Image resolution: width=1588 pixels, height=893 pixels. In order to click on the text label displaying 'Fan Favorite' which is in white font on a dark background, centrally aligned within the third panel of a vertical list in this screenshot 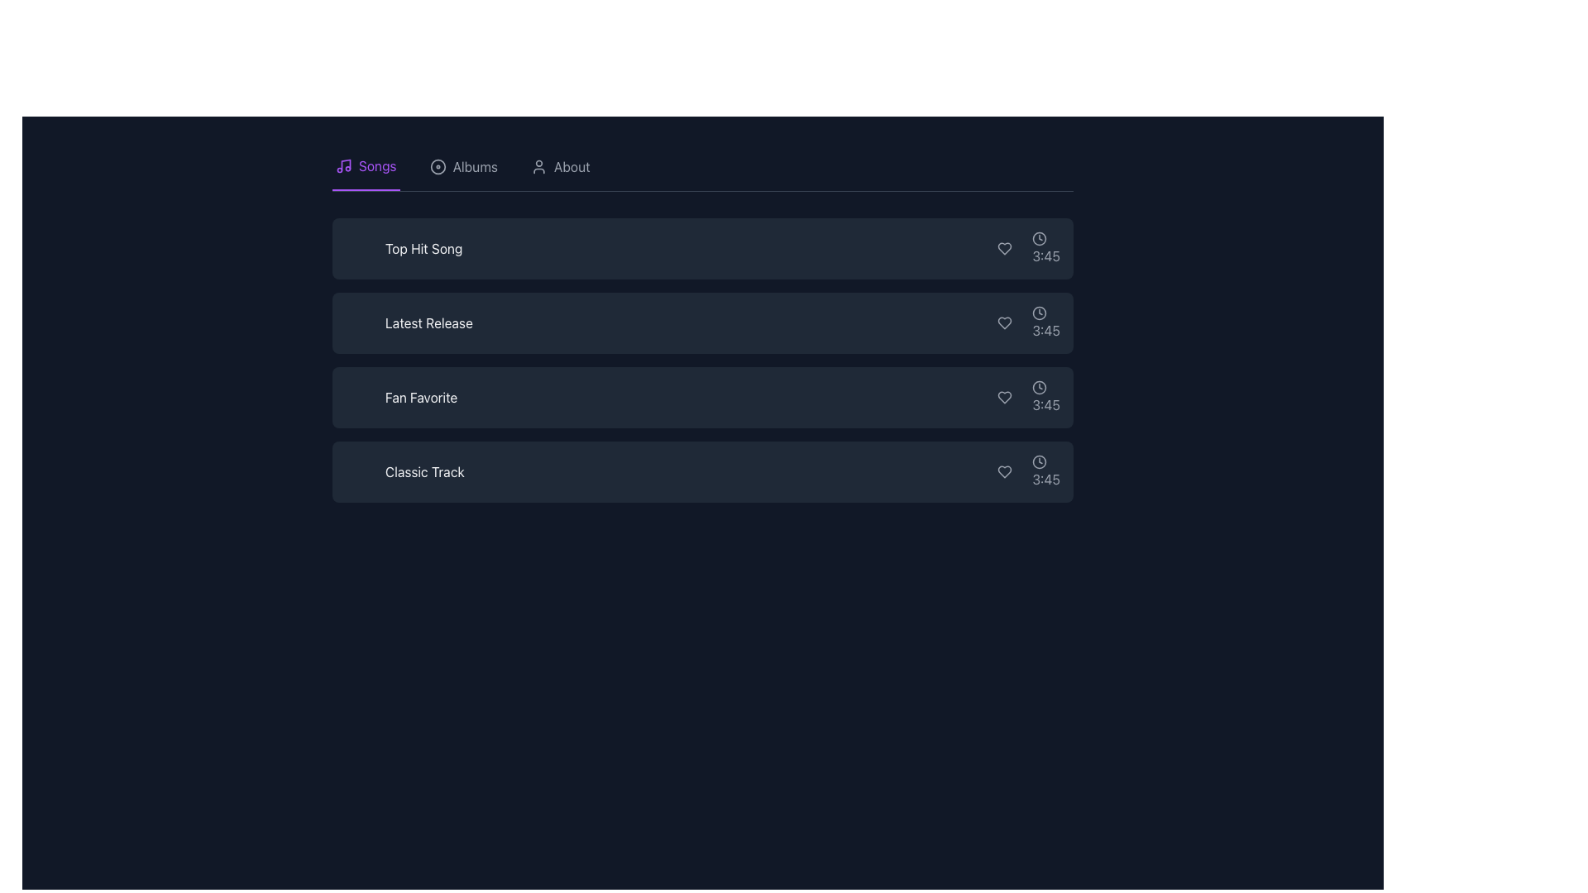, I will do `click(401, 398)`.